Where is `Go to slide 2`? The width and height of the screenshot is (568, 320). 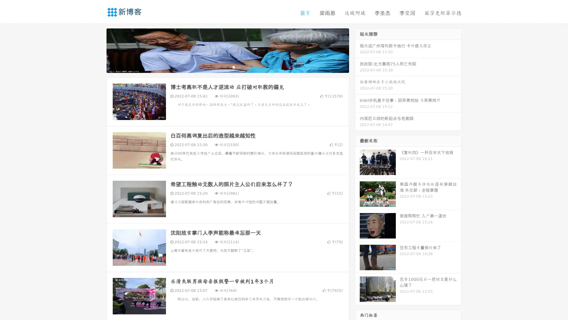
Go to slide 2 is located at coordinates (227, 67).